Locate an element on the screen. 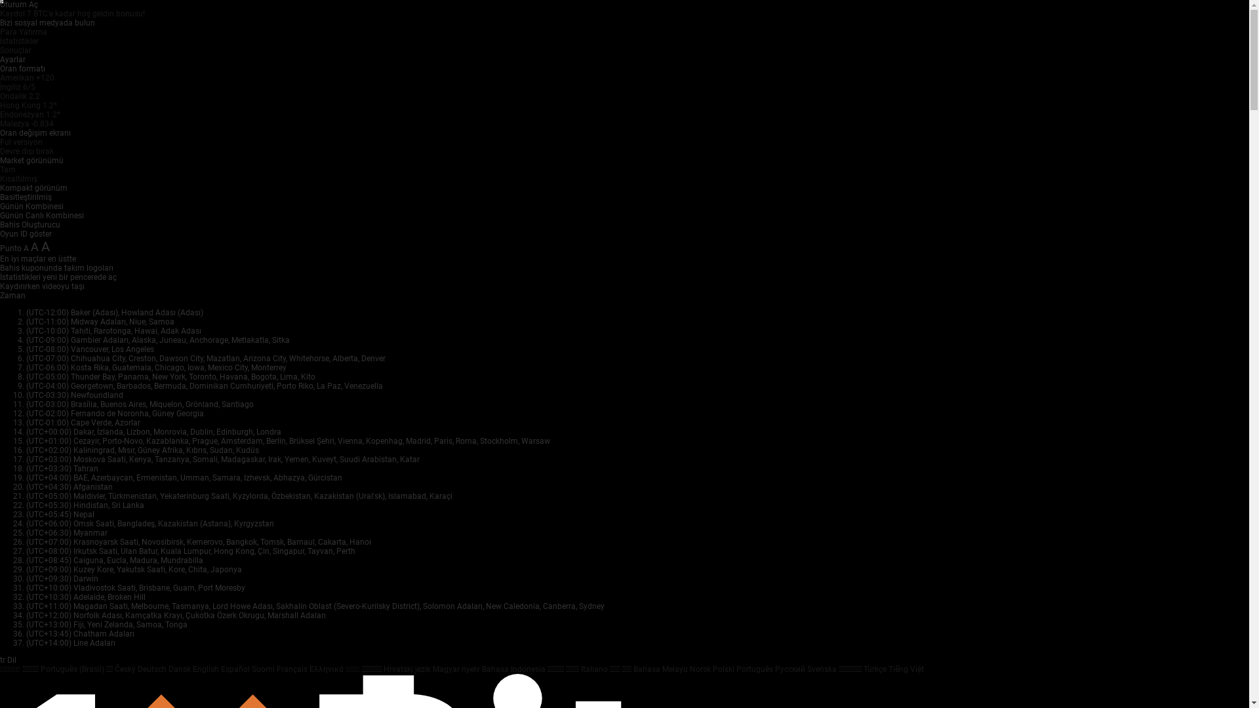  'Amerikan +120' is located at coordinates (27, 78).